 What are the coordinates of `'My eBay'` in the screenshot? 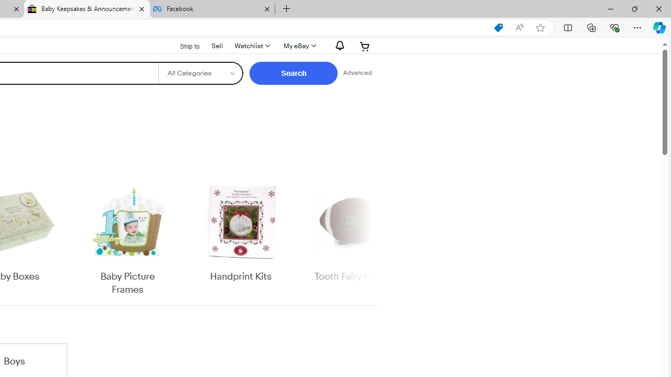 It's located at (298, 46).